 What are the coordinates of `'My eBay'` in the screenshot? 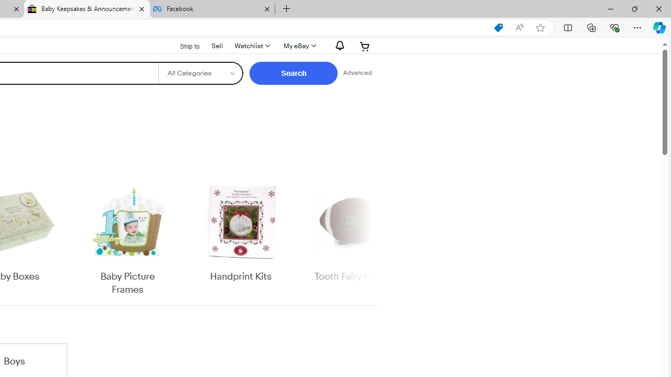 It's located at (298, 46).